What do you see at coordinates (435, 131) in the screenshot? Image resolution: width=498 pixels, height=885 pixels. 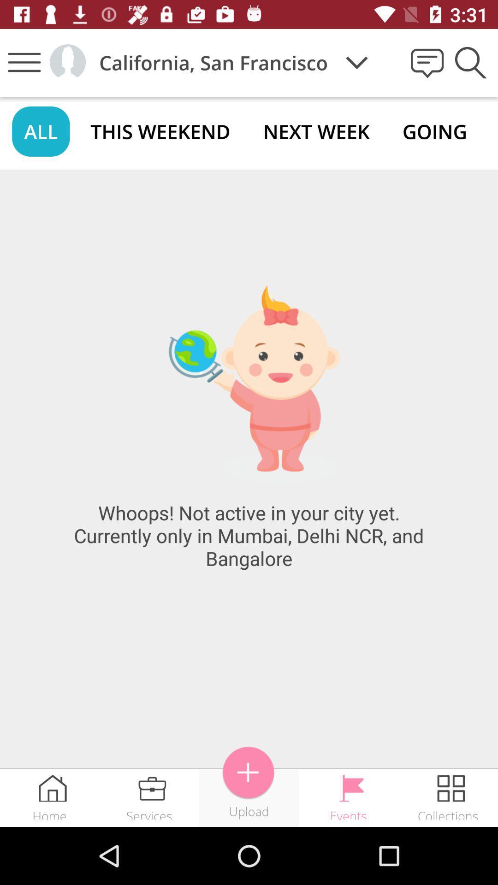 I see `icon next to the next week icon` at bounding box center [435, 131].